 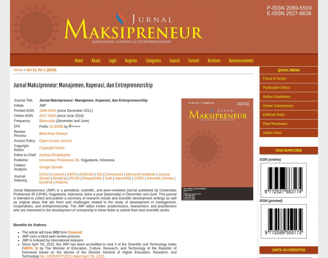 I want to click on 'Blind-Peer-Review', so click(x=39, y=134).